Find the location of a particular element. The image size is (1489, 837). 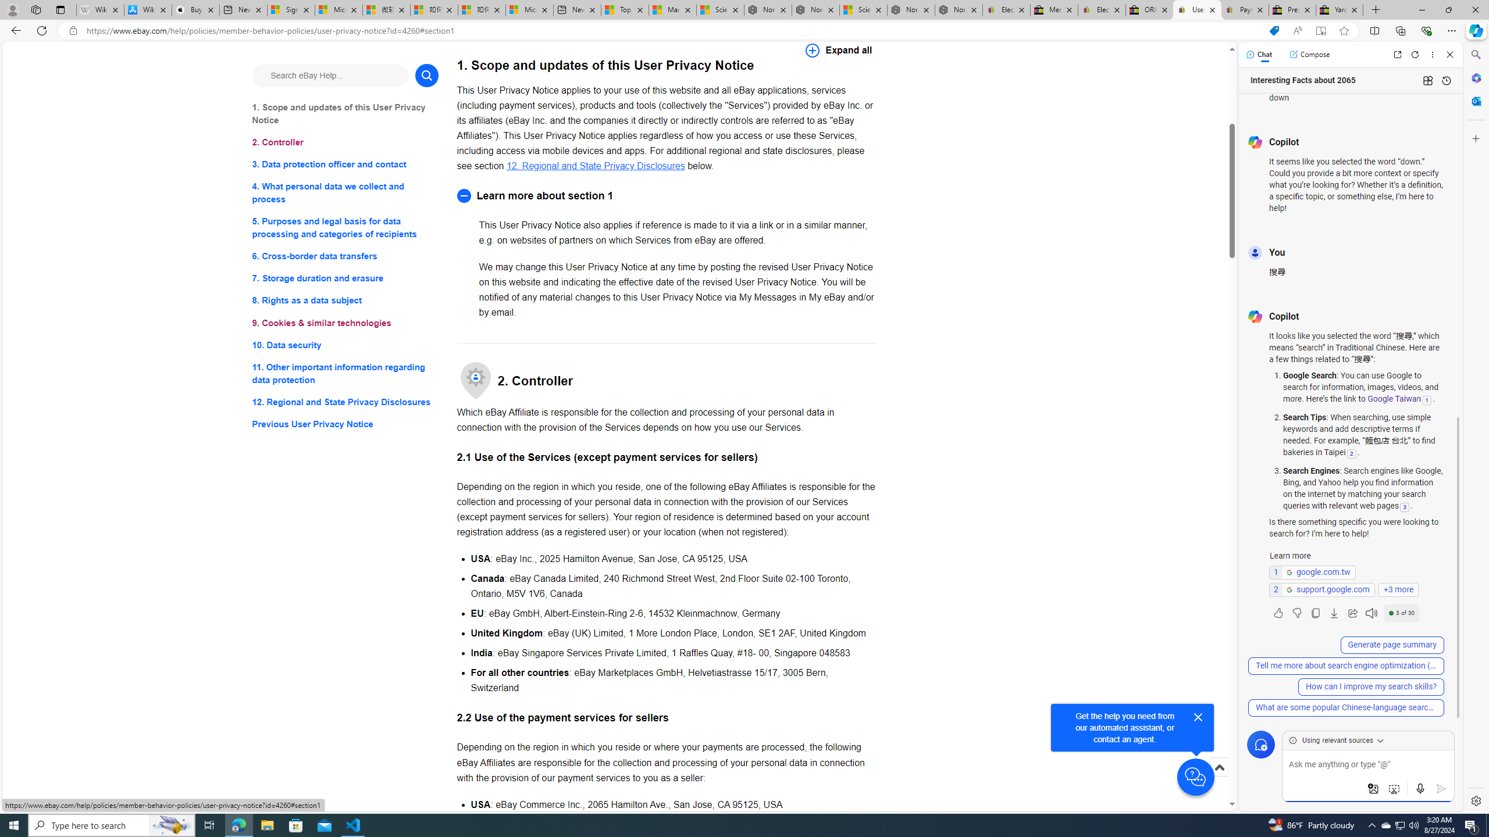

'Microsoft account | Account Checkup' is located at coordinates (529, 9).